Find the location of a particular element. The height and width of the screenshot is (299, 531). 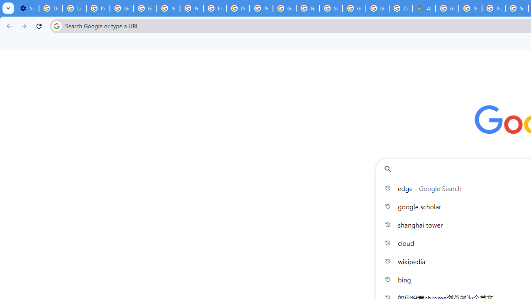

'Privacy Help Center - Policies Help' is located at coordinates (470, 8).